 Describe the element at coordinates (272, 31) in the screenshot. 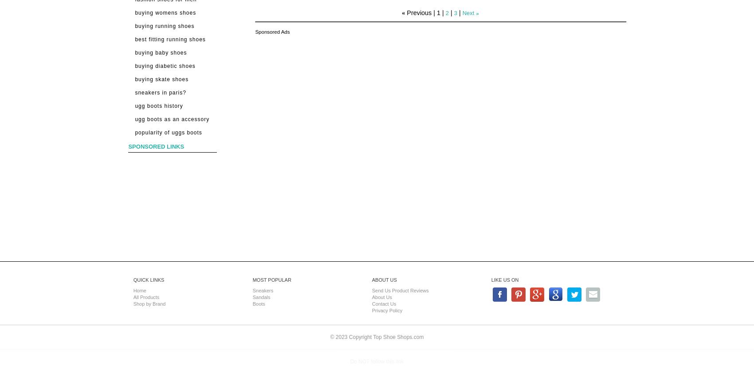

I see `'Sponsored Ads'` at that location.